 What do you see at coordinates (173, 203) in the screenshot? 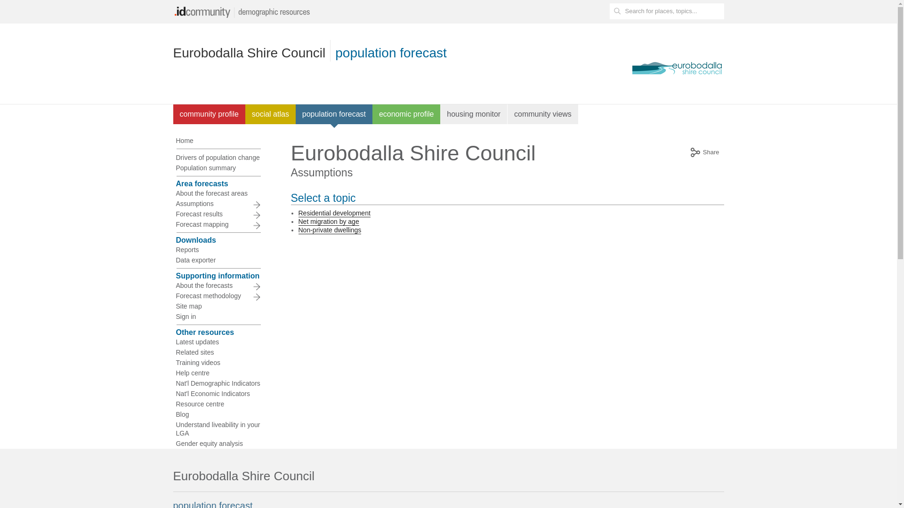
I see `'Assumptions` at bounding box center [173, 203].